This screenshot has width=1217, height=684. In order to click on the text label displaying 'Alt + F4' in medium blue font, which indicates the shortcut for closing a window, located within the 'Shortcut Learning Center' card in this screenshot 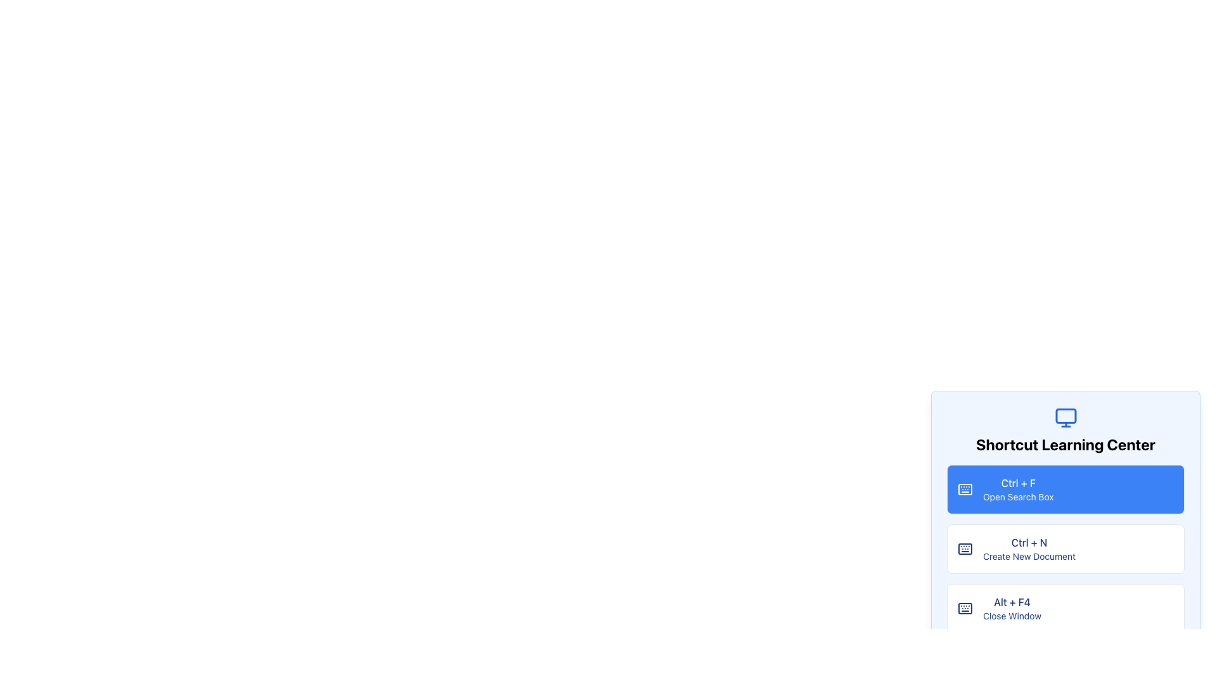, I will do `click(1011, 602)`.